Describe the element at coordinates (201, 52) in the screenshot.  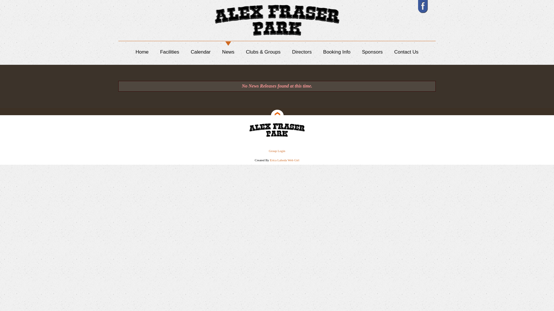
I see `'Calendar'` at that location.